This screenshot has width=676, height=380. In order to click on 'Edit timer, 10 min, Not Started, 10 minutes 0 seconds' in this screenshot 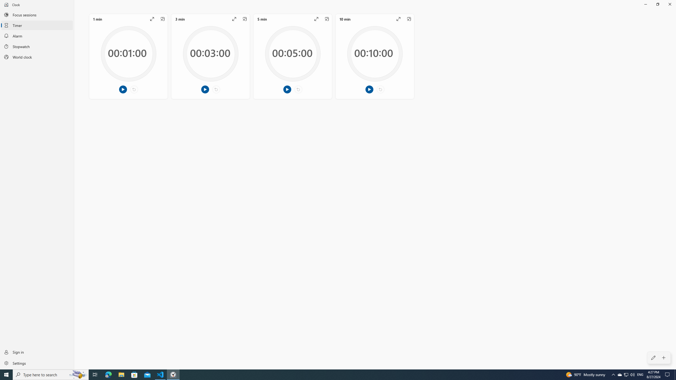, I will do `click(374, 56)`.